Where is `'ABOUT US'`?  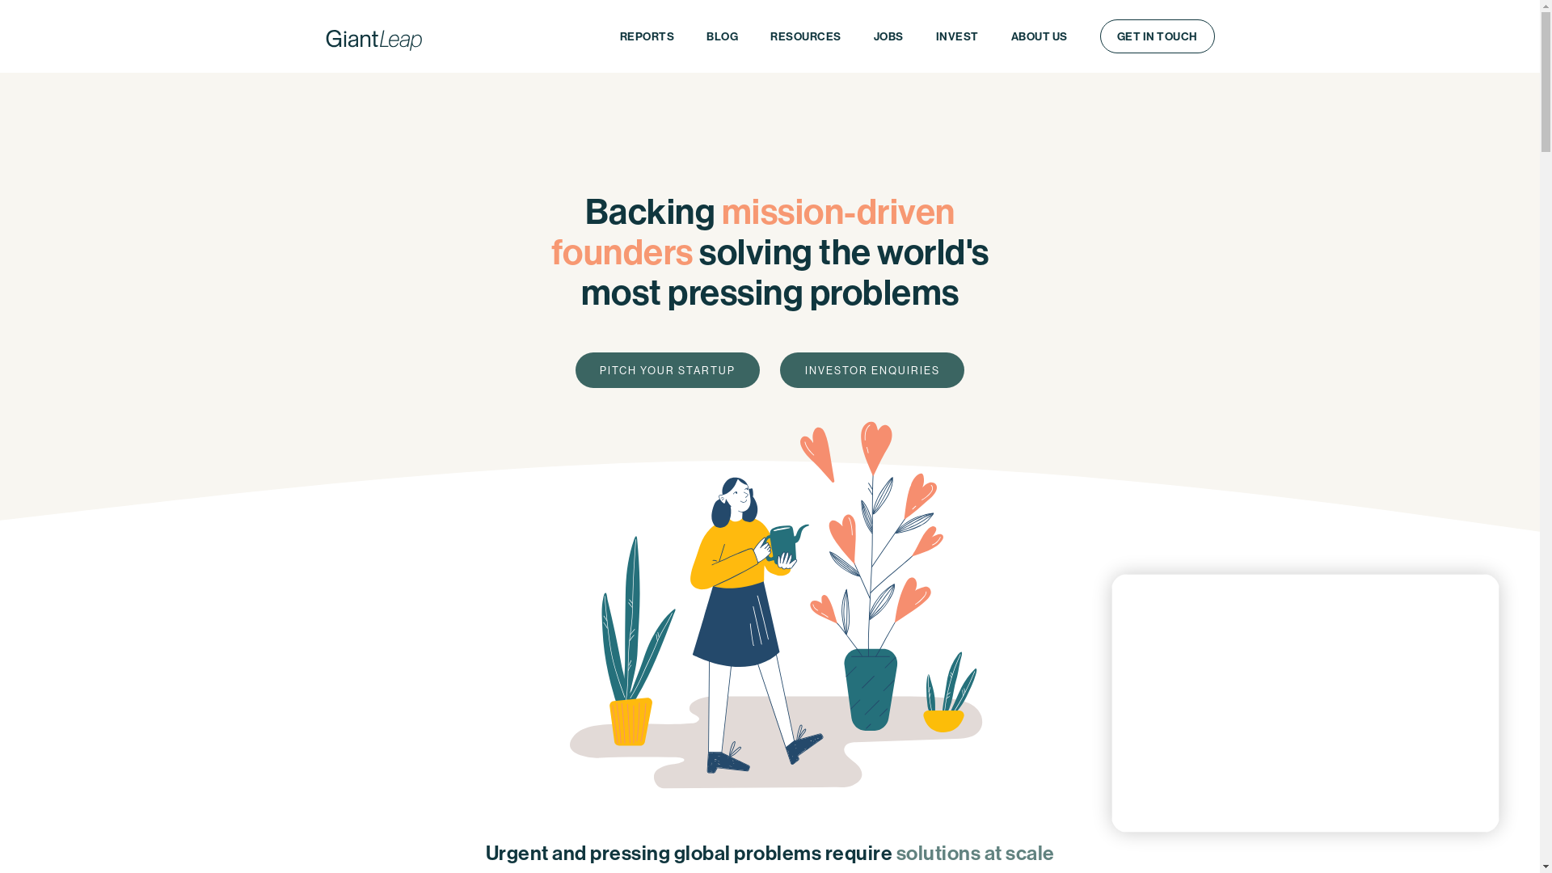
'ABOUT US' is located at coordinates (1039, 36).